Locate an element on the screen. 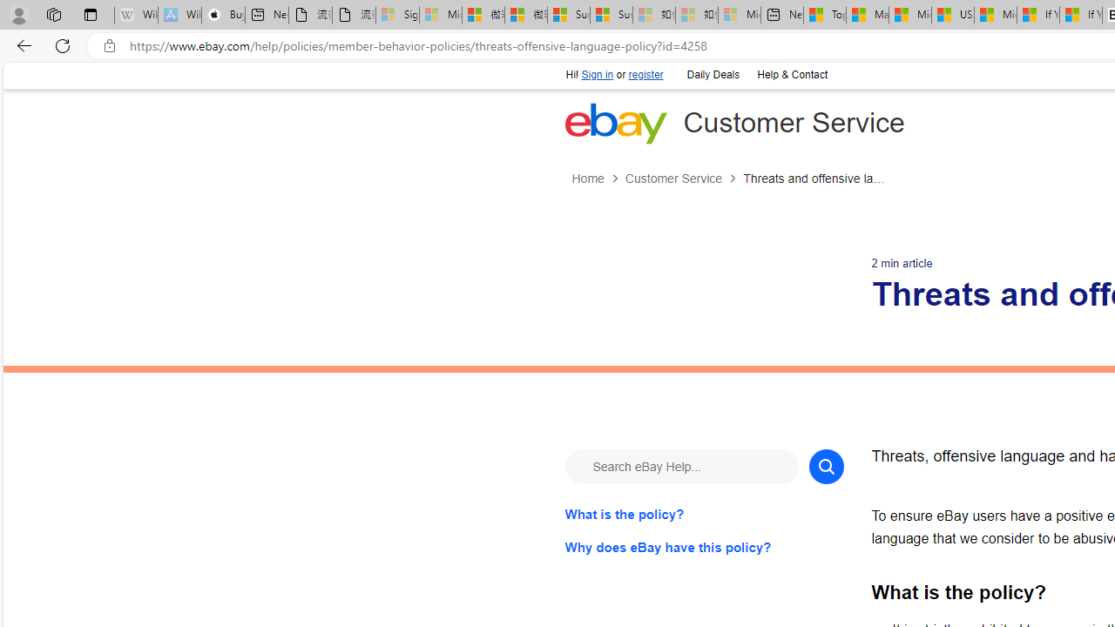 The width and height of the screenshot is (1115, 627). 'Daily Deals' is located at coordinates (713, 75).